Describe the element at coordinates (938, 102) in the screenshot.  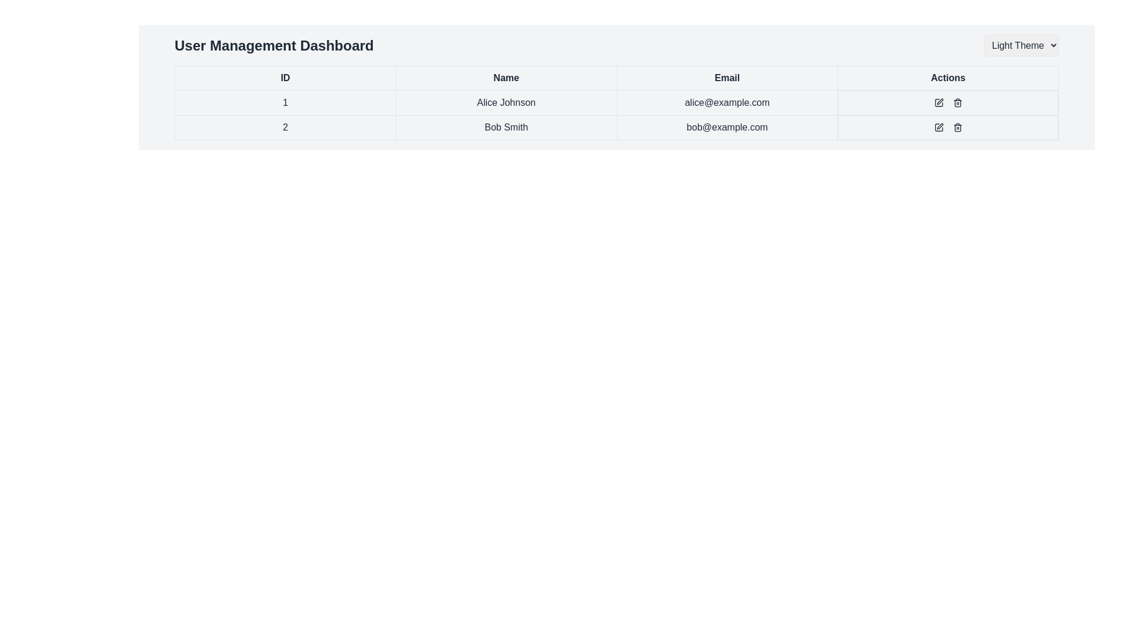
I see `the edit icon button resembling a pen located in the 'Actions' column of the data grid to initiate editing for the first row containing 'Alice Johnson'` at that location.